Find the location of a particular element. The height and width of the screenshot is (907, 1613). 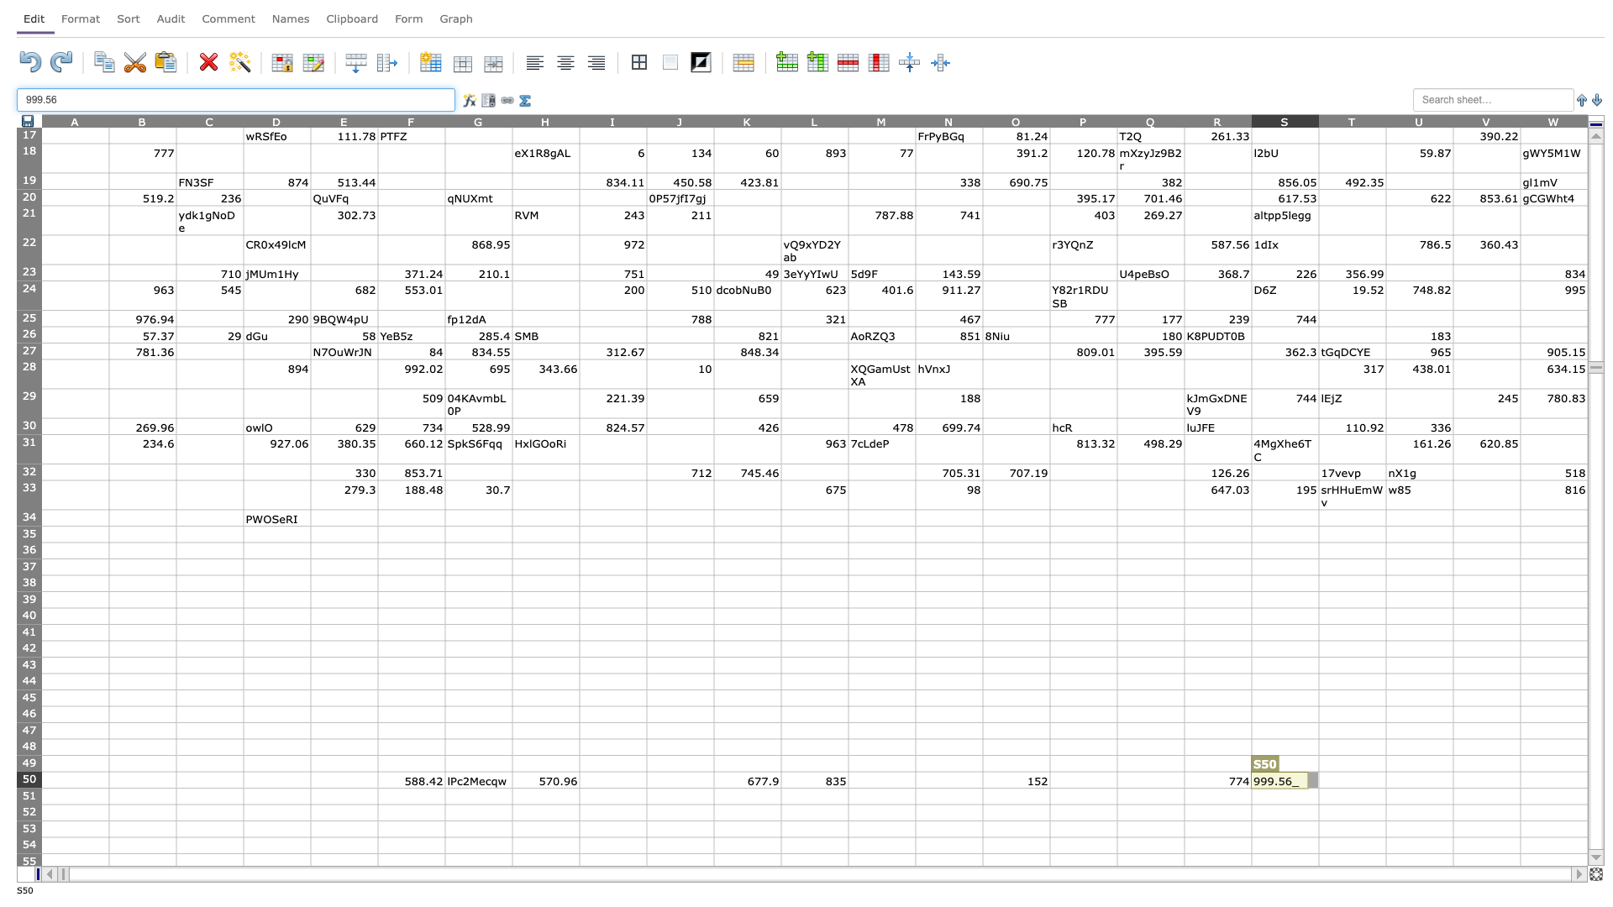

Upper left corner of cell U50 is located at coordinates (1386, 771).